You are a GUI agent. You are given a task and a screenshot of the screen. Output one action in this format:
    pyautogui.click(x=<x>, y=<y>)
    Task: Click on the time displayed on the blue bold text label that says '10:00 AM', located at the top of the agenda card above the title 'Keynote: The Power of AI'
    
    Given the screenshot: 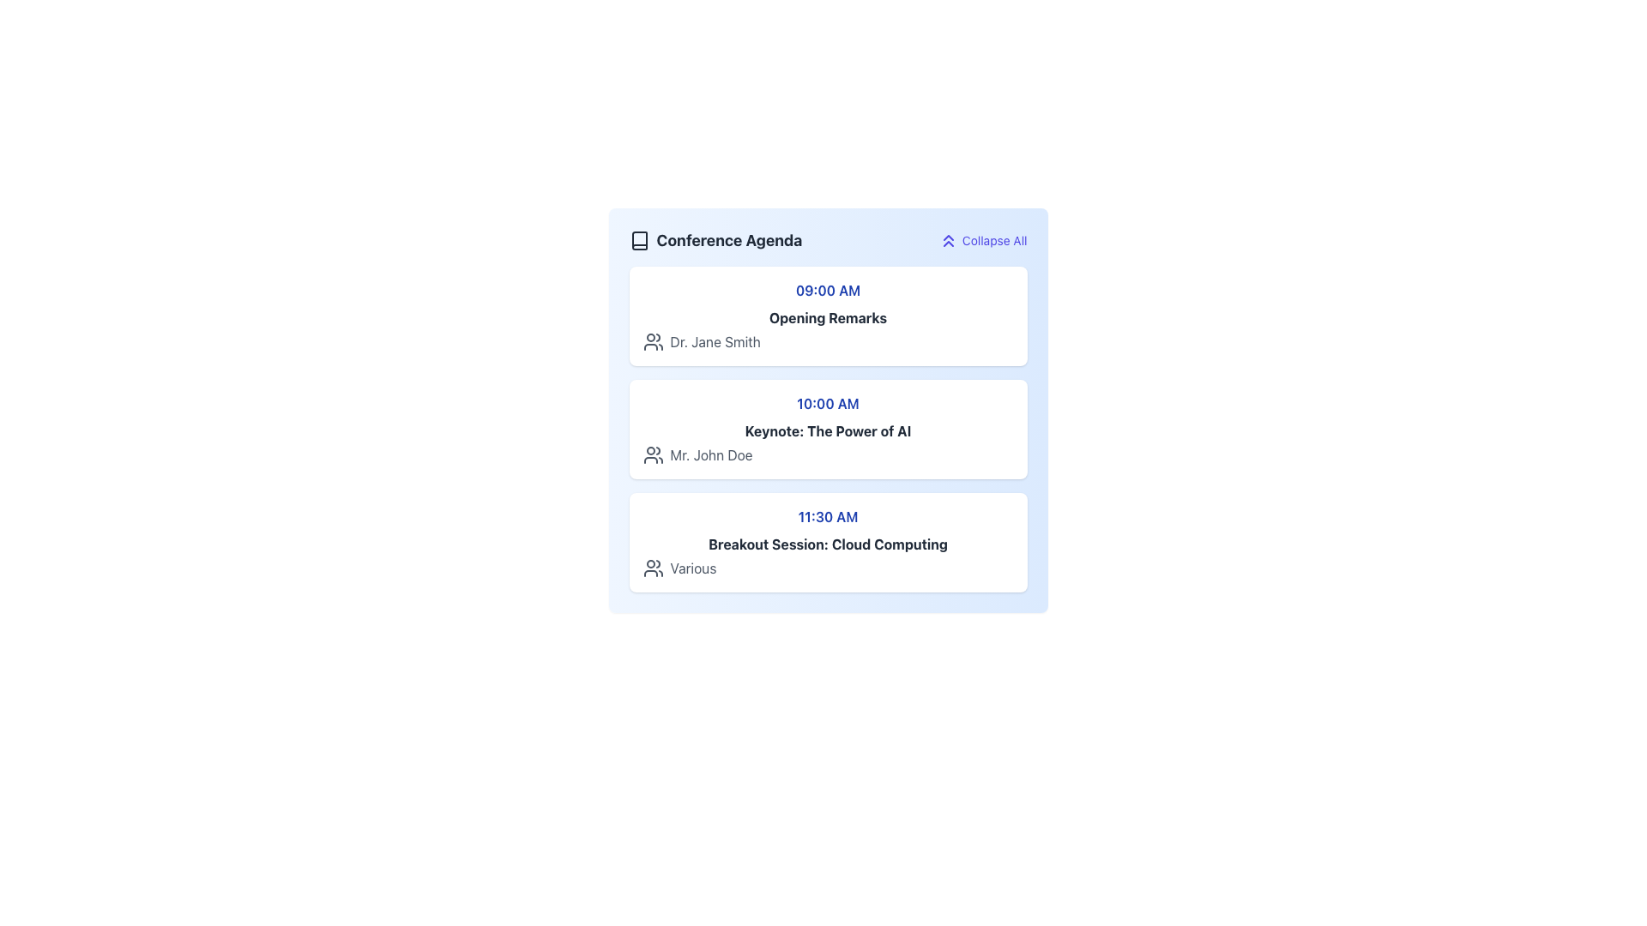 What is the action you would take?
    pyautogui.click(x=828, y=403)
    